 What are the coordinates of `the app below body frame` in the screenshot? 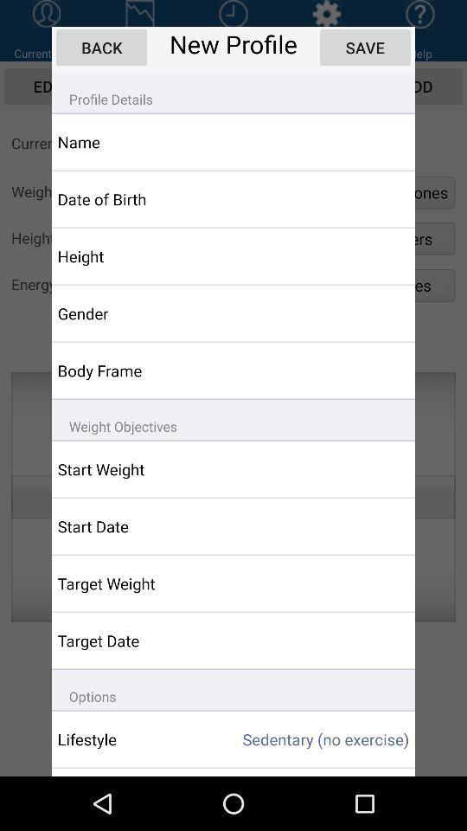 It's located at (233, 419).